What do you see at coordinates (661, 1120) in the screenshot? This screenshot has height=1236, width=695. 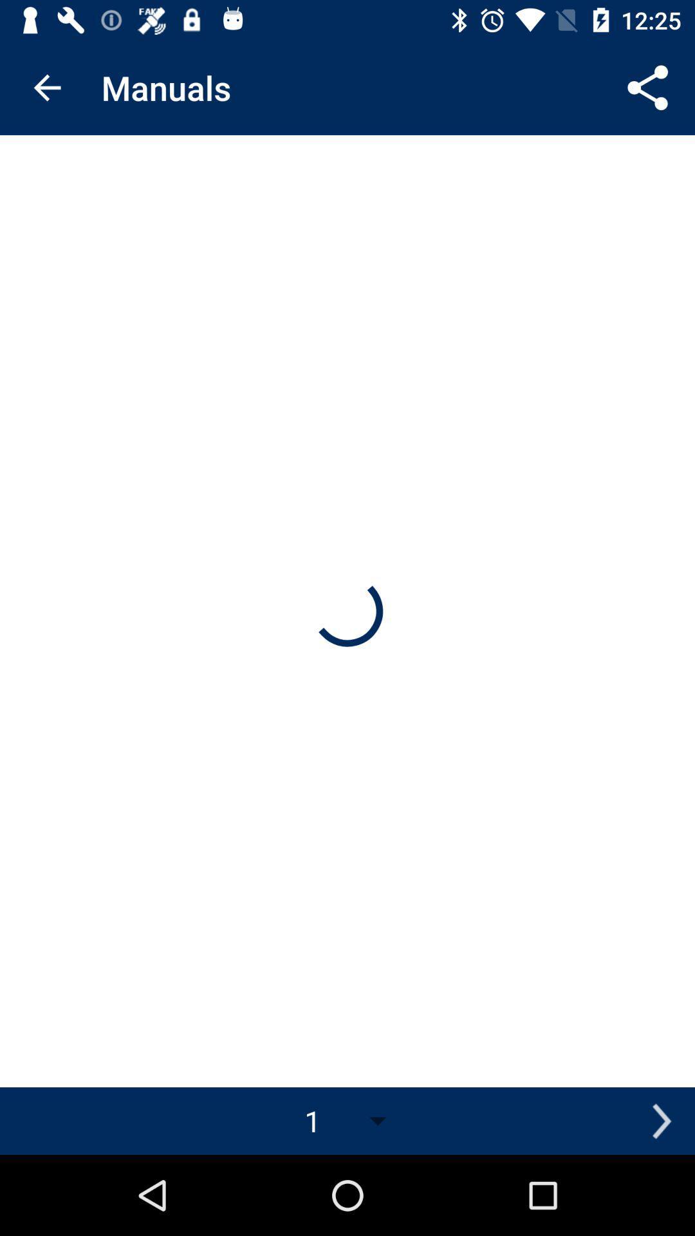 I see `the item at the bottom right corner` at bounding box center [661, 1120].